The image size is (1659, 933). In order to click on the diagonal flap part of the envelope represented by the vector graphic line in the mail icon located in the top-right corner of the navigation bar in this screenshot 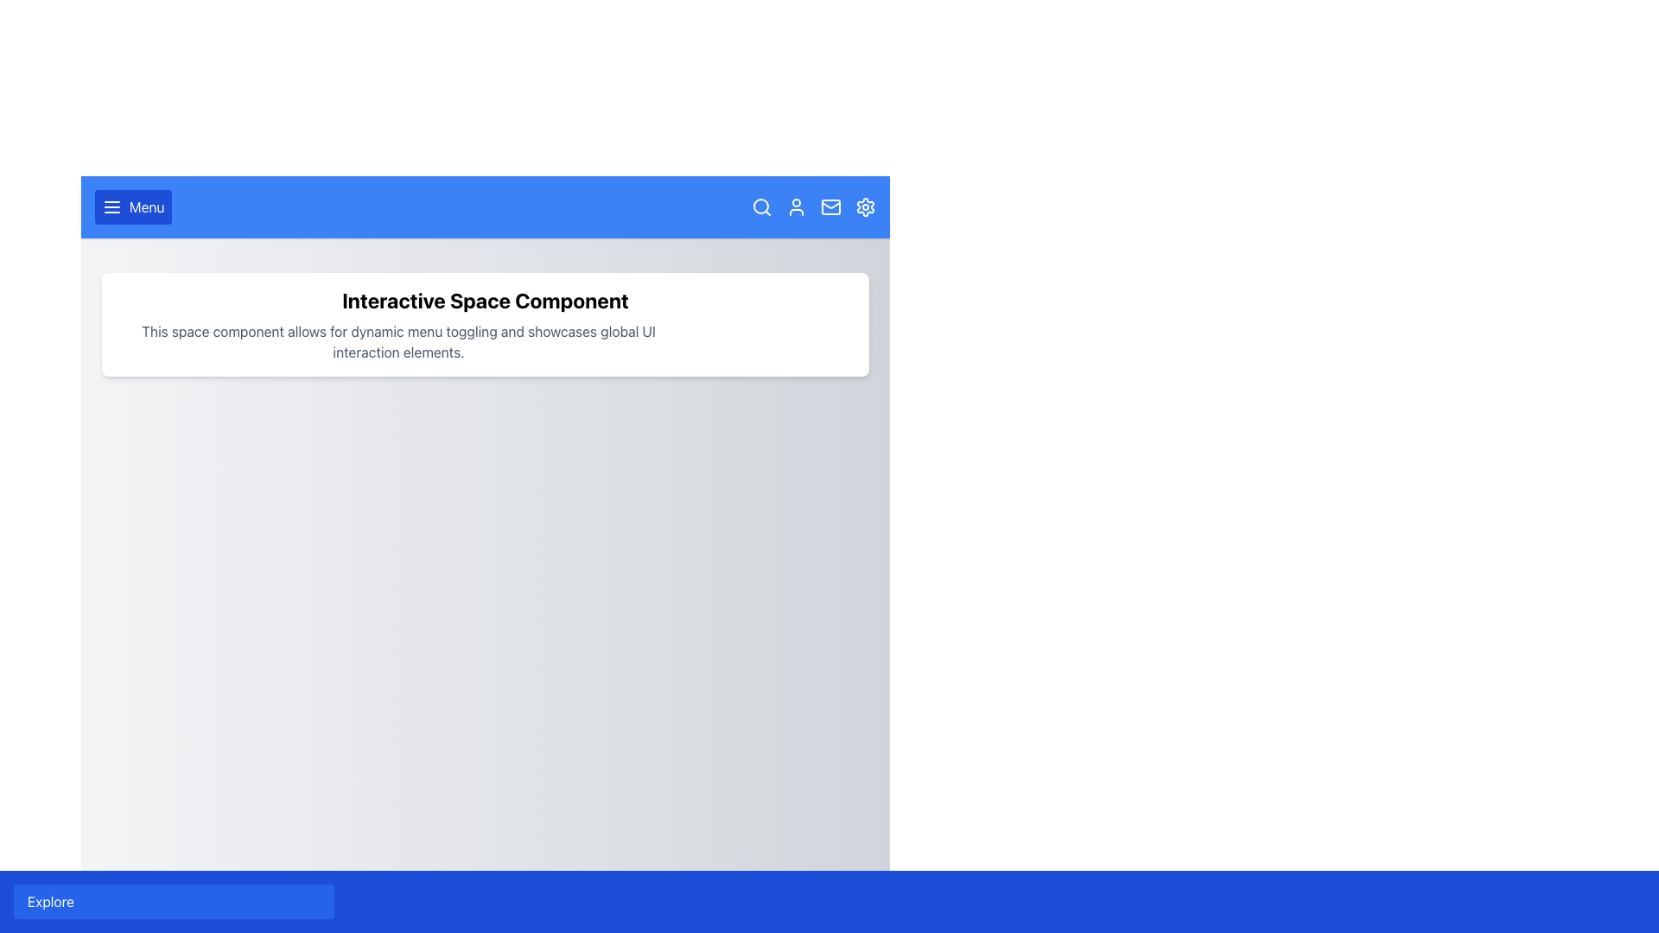, I will do `click(830, 203)`.